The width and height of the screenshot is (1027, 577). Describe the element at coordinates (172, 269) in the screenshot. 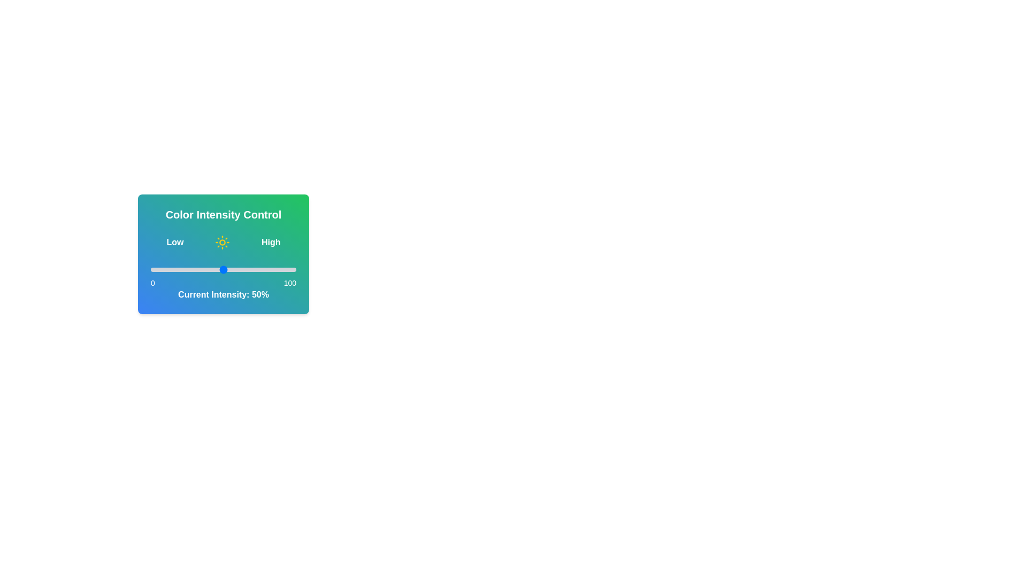

I see `the intensity value` at that location.